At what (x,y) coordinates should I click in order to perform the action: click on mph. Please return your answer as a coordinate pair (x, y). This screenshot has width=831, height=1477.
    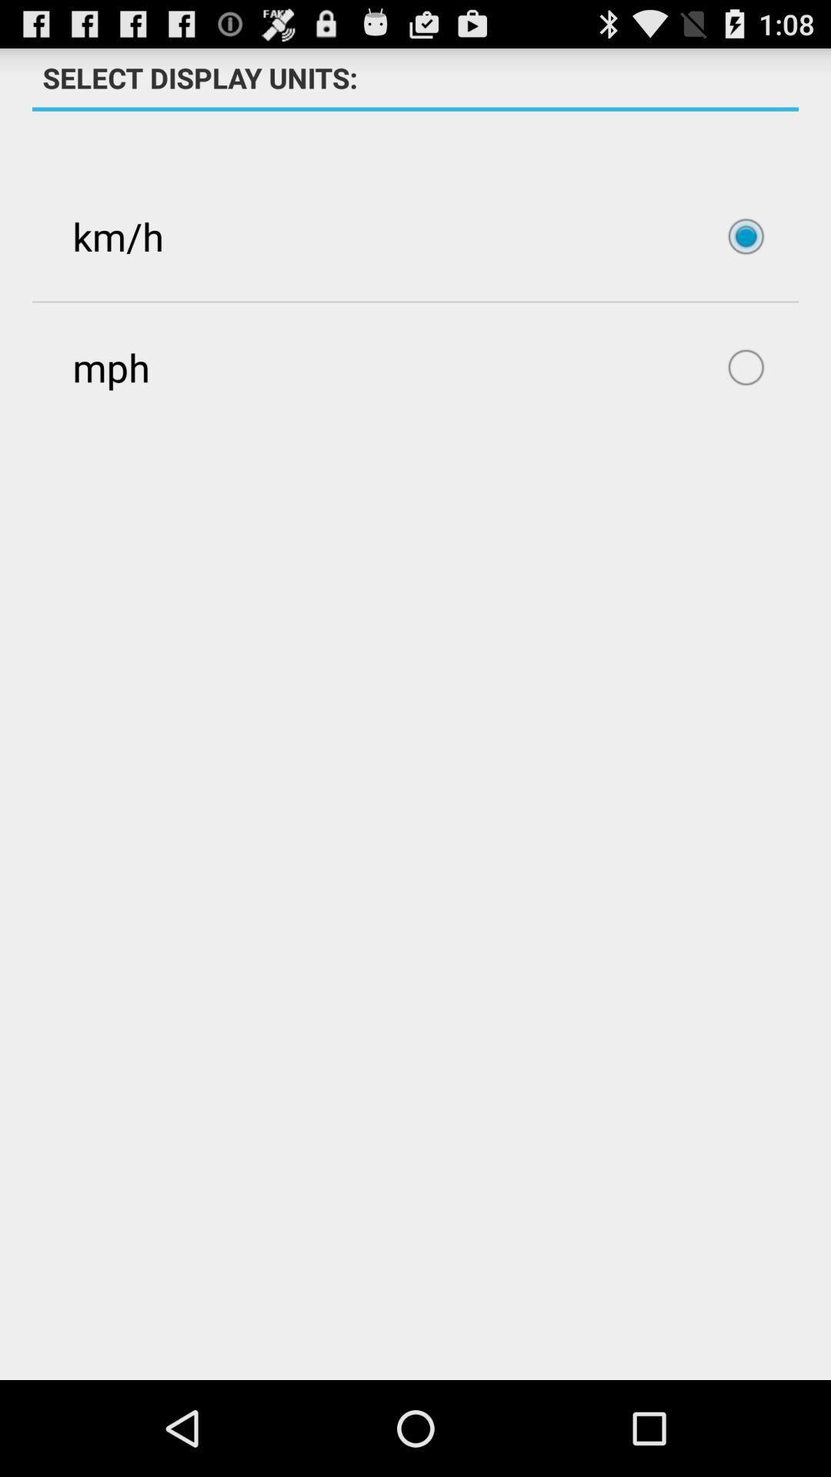
    Looking at the image, I should click on (415, 366).